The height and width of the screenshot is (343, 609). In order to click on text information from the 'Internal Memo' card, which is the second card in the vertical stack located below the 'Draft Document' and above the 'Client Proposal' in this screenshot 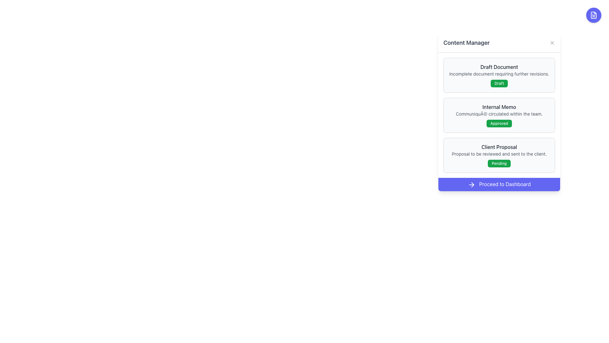, I will do `click(499, 115)`.